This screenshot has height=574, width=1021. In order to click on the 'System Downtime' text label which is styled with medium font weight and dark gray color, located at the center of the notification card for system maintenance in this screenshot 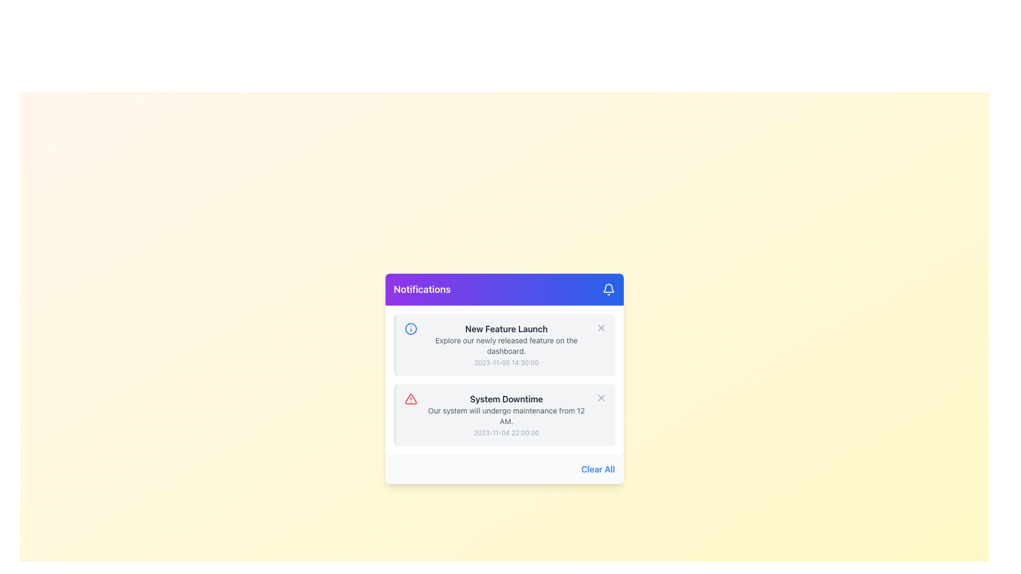, I will do `click(506, 399)`.